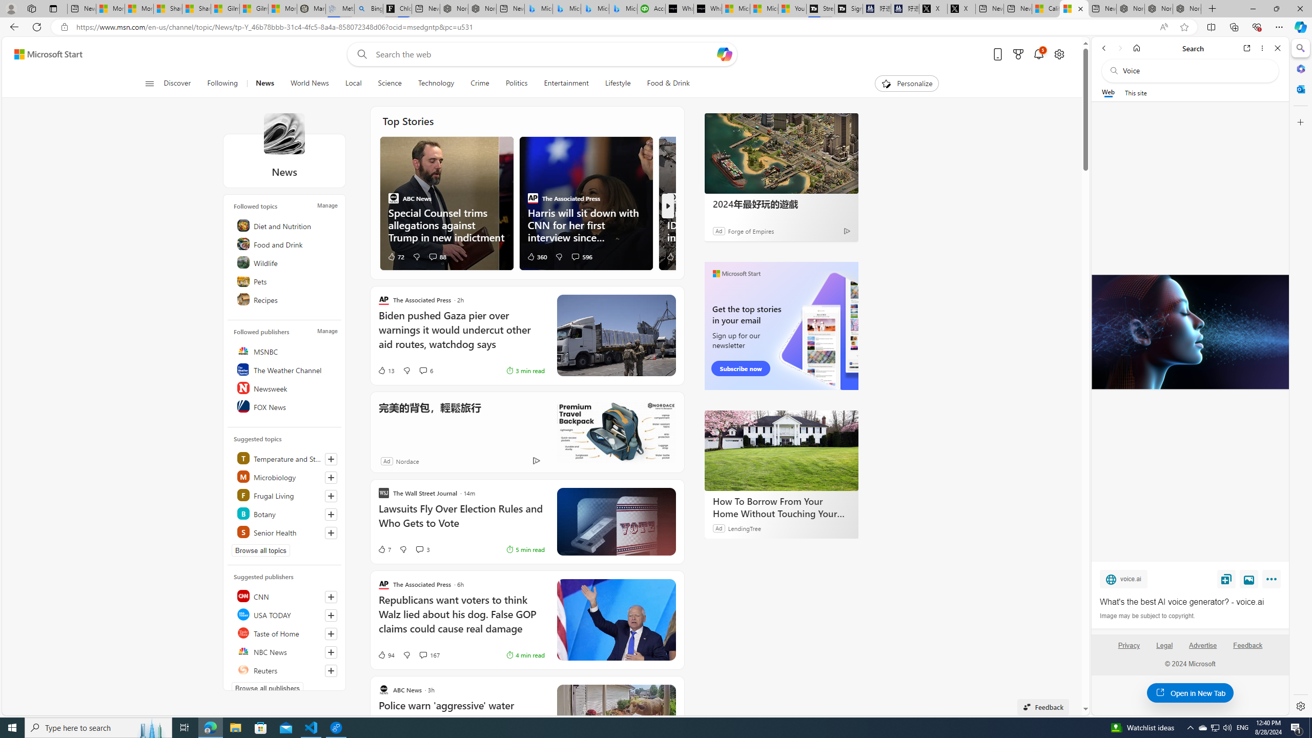  Describe the element at coordinates (286, 224) in the screenshot. I see `'Diet and Nutrition'` at that location.